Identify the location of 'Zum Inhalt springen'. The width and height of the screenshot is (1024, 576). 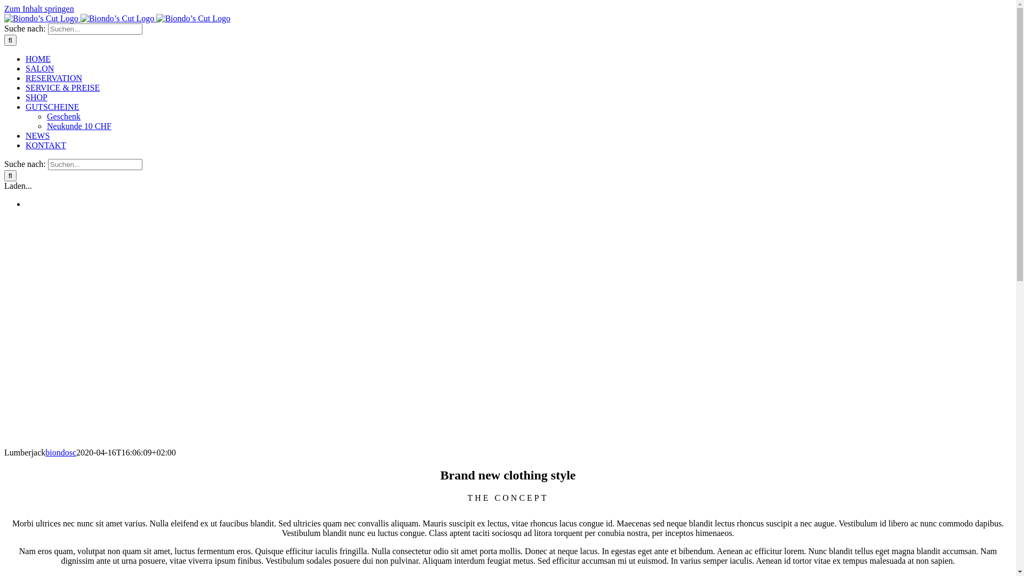
(39, 9).